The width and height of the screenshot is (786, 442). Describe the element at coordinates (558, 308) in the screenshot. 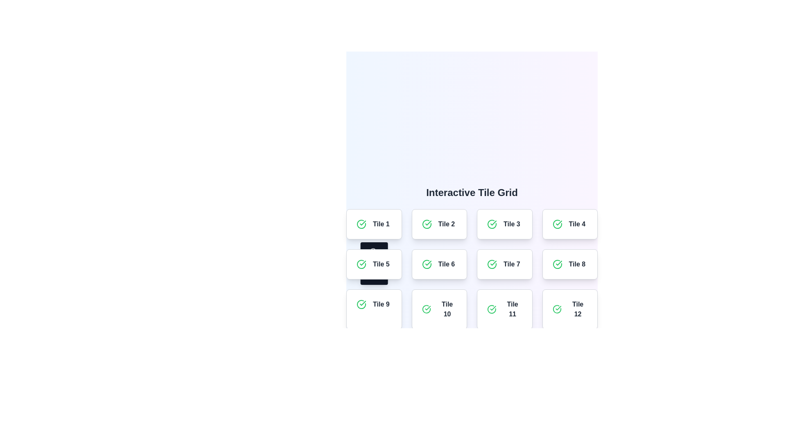

I see `the checkmark icon that indicates the completion or selection state, located in the rightmost tile of the last row in the grid` at that location.